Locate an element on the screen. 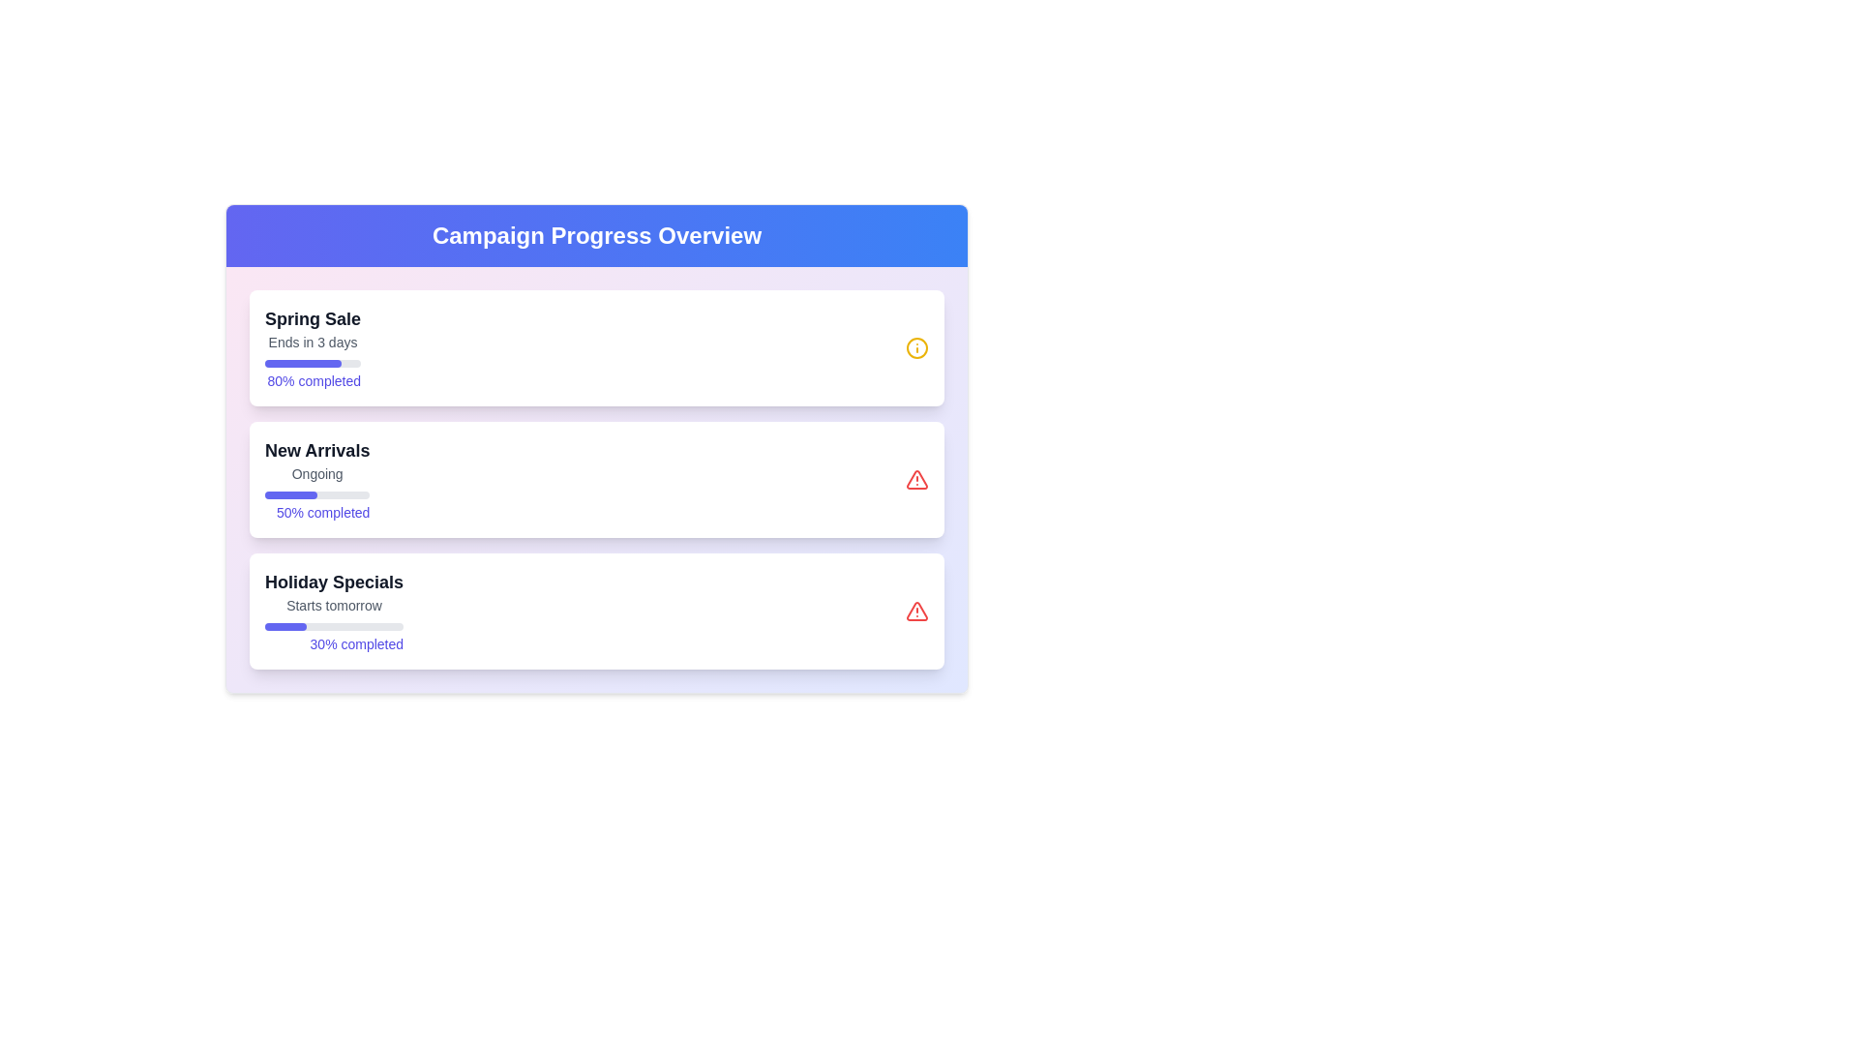  the textual indicator that displays the progress percentage for the 'Spring Sale', located below the progress bar is located at coordinates (313, 380).